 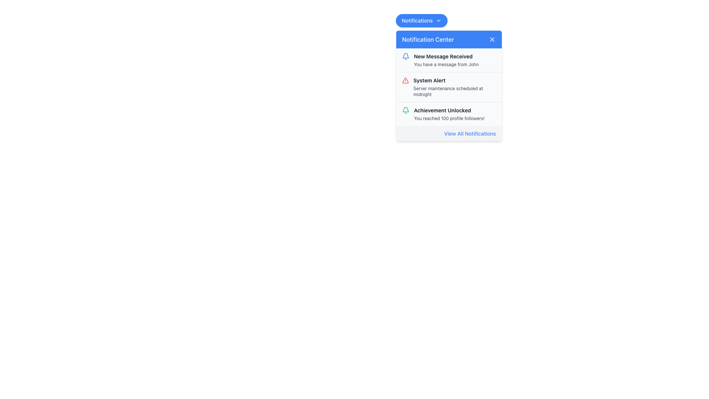 What do you see at coordinates (454, 86) in the screenshot?
I see `the Notification Item which displays 'System Alert' as the title and 'Server maintenance scheduled at midnight' as the subtitle, located in the Notification Center` at bounding box center [454, 86].